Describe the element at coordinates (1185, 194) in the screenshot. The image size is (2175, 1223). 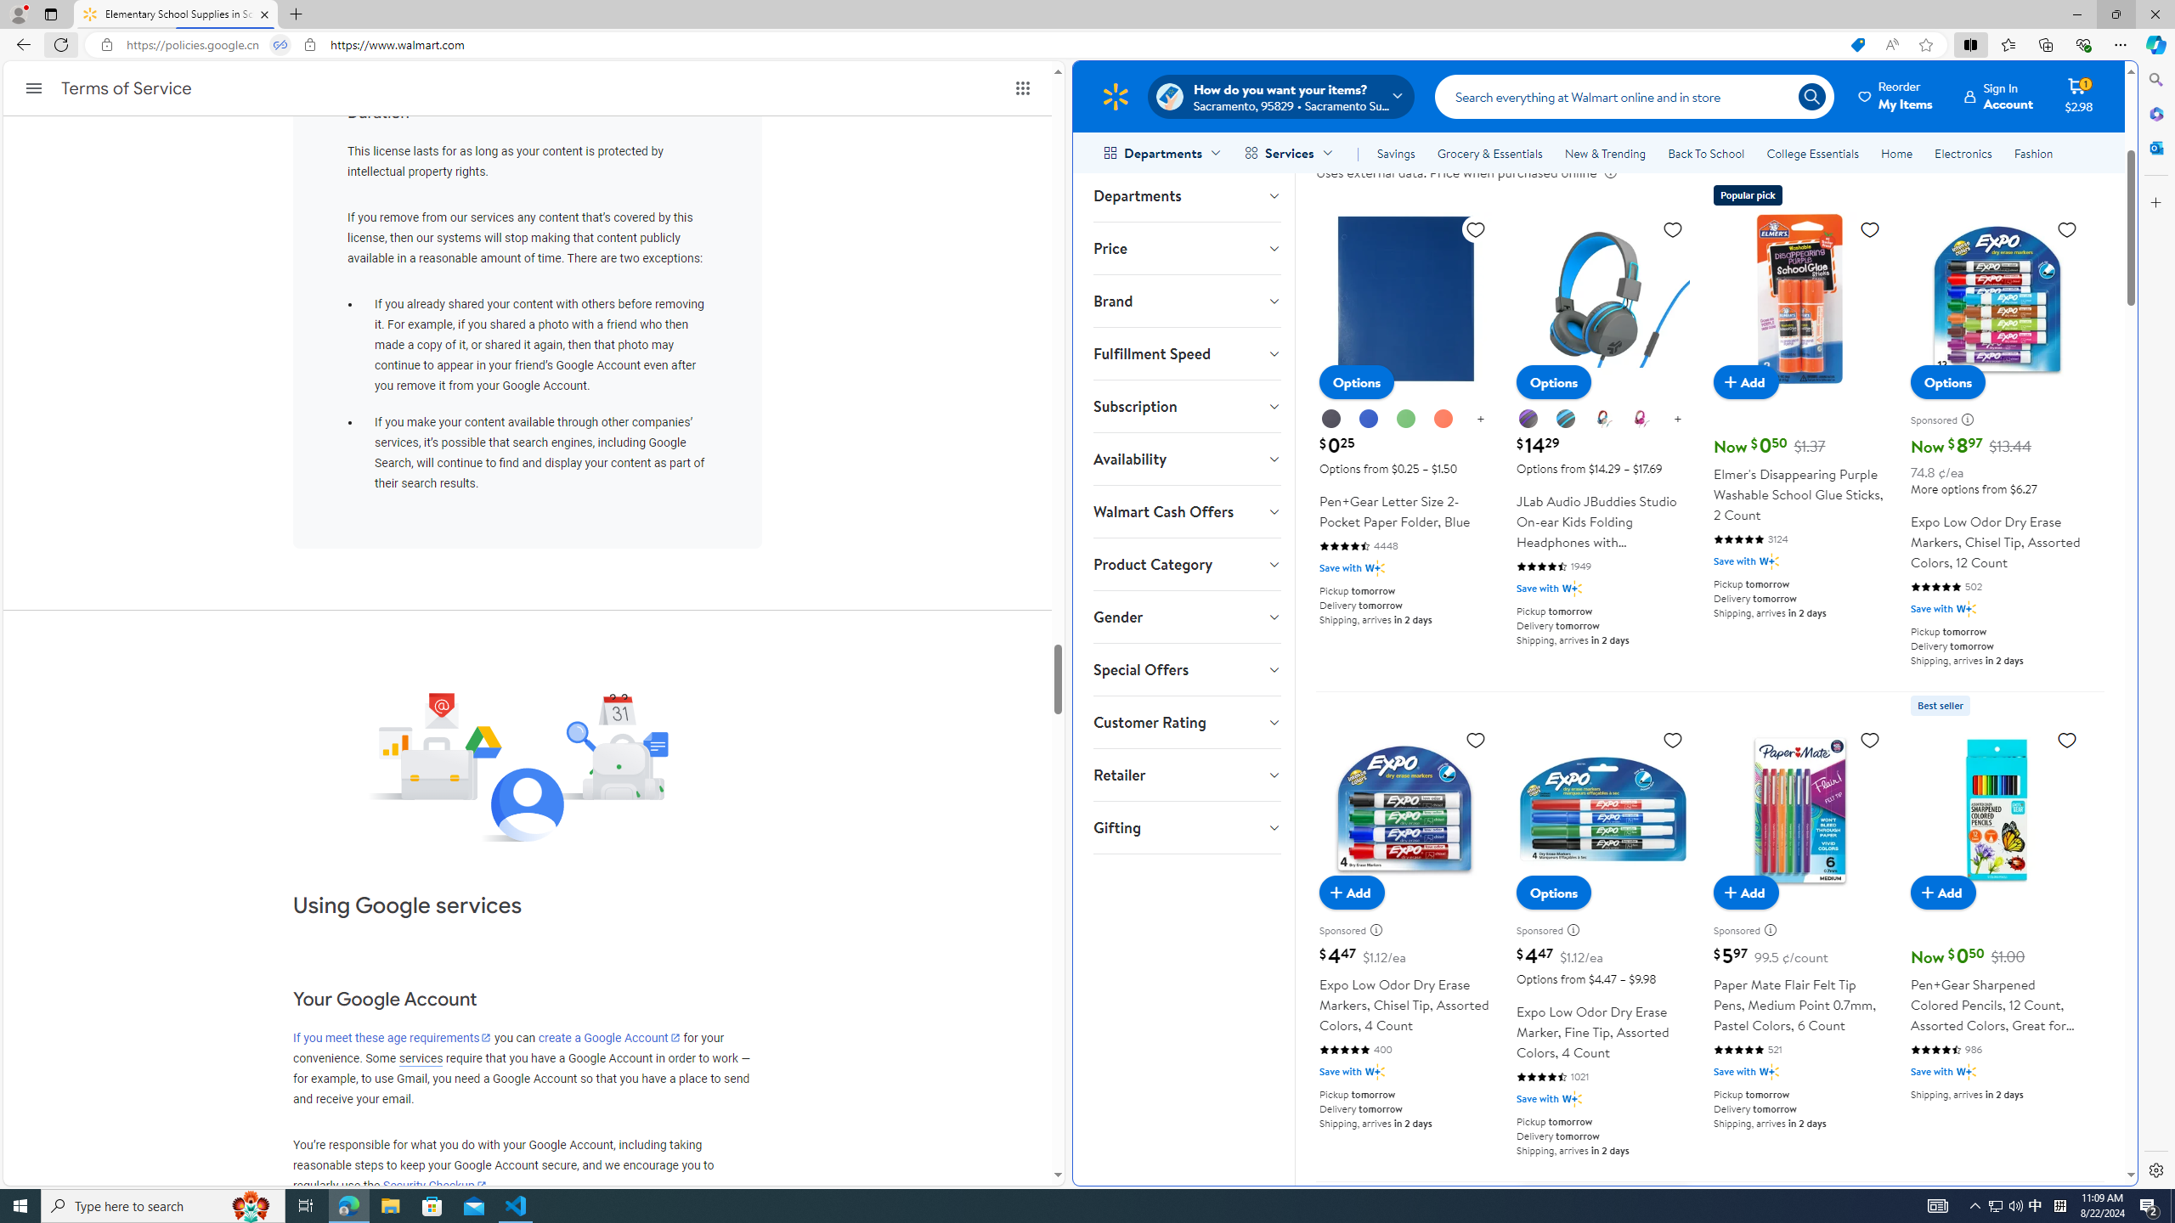
I see `'Departments'` at that location.